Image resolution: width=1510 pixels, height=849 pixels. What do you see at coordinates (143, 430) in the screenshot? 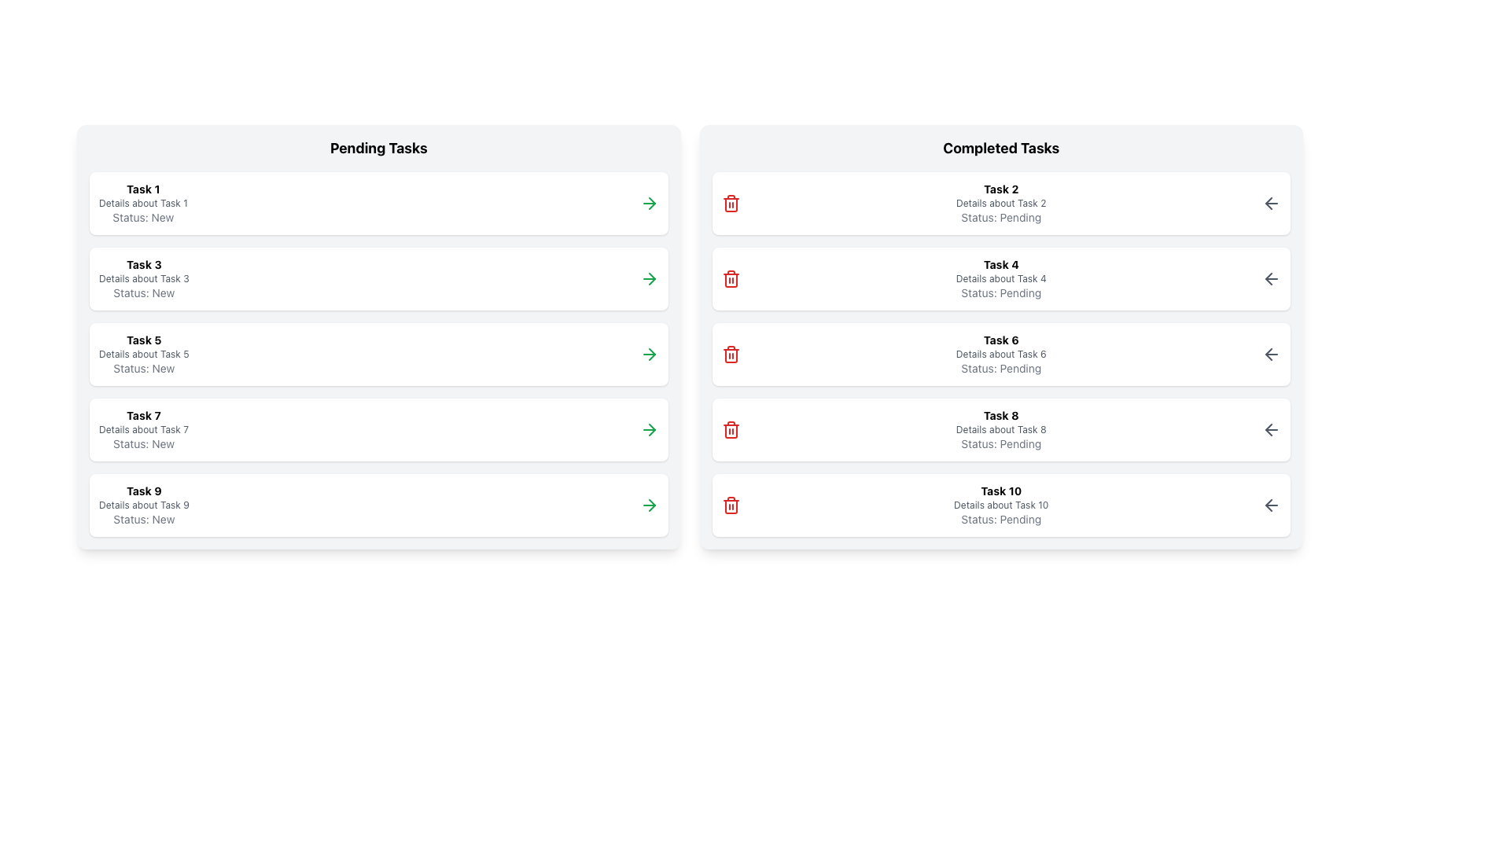
I see `the Text label that provides additional information about 'Task 7', located in the left column under 'Pending Tasks', below the 'Task 7' header and above the 'Status: New' label` at bounding box center [143, 430].